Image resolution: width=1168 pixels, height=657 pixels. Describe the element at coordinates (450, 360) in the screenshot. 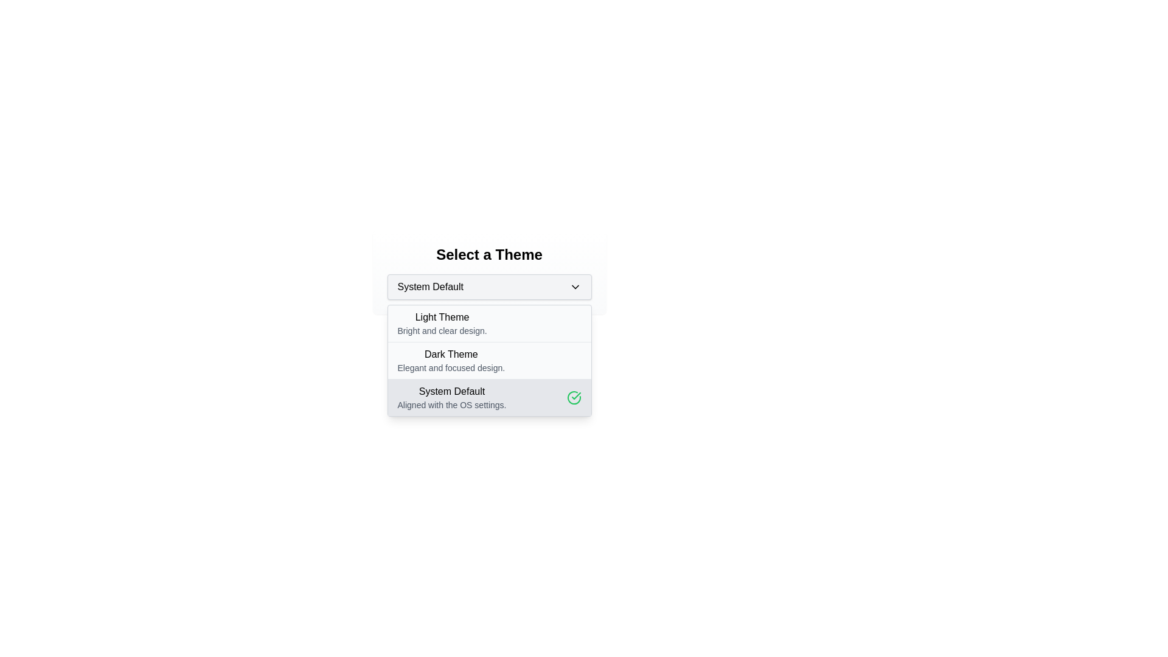

I see `the second entry in the theme selection dropdown, which represents the dark theme option` at that location.